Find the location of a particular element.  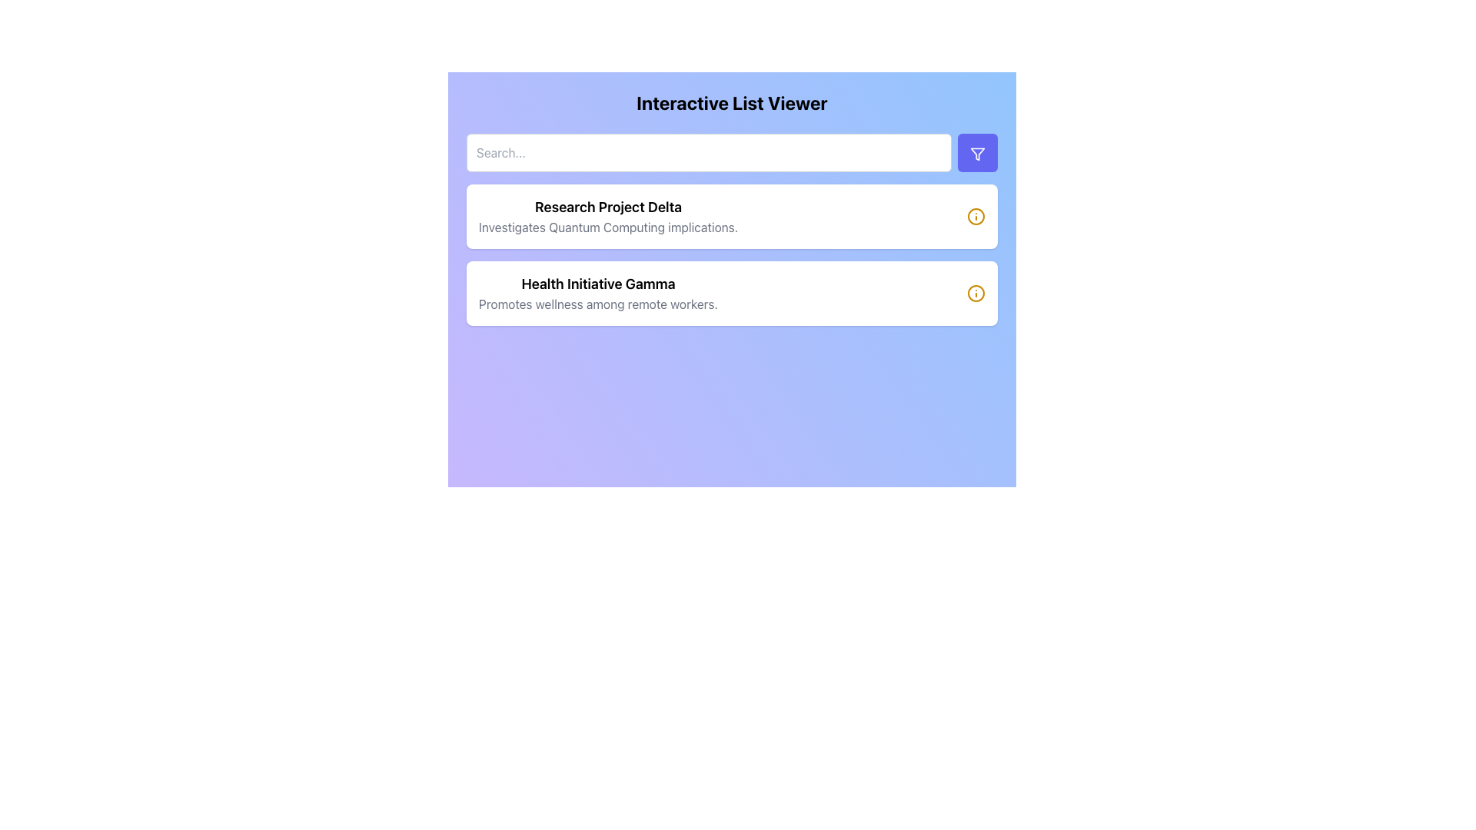

the triangular filter icon located in the top-right corner of the application interface is located at coordinates (977, 154).